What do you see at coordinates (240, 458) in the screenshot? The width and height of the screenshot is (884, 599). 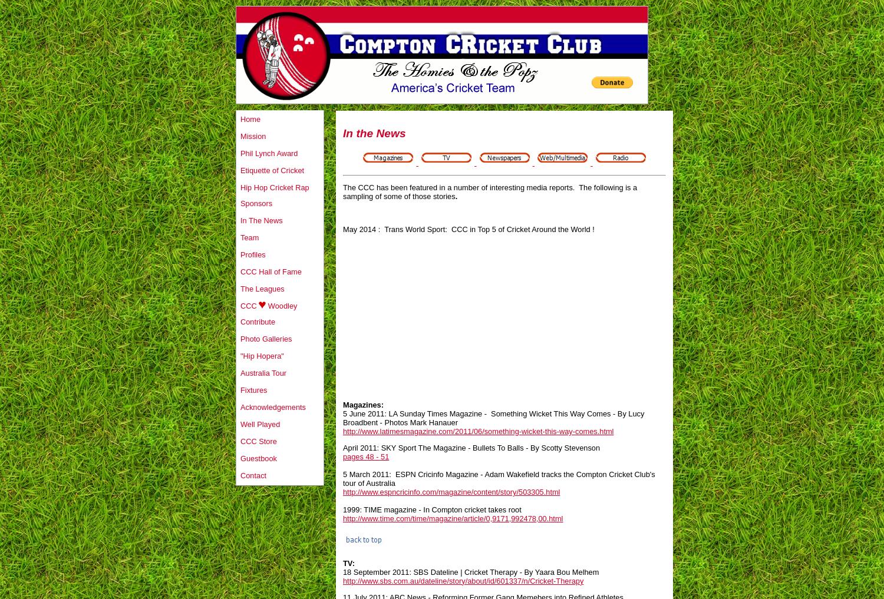 I see `'Guestbook'` at bounding box center [240, 458].